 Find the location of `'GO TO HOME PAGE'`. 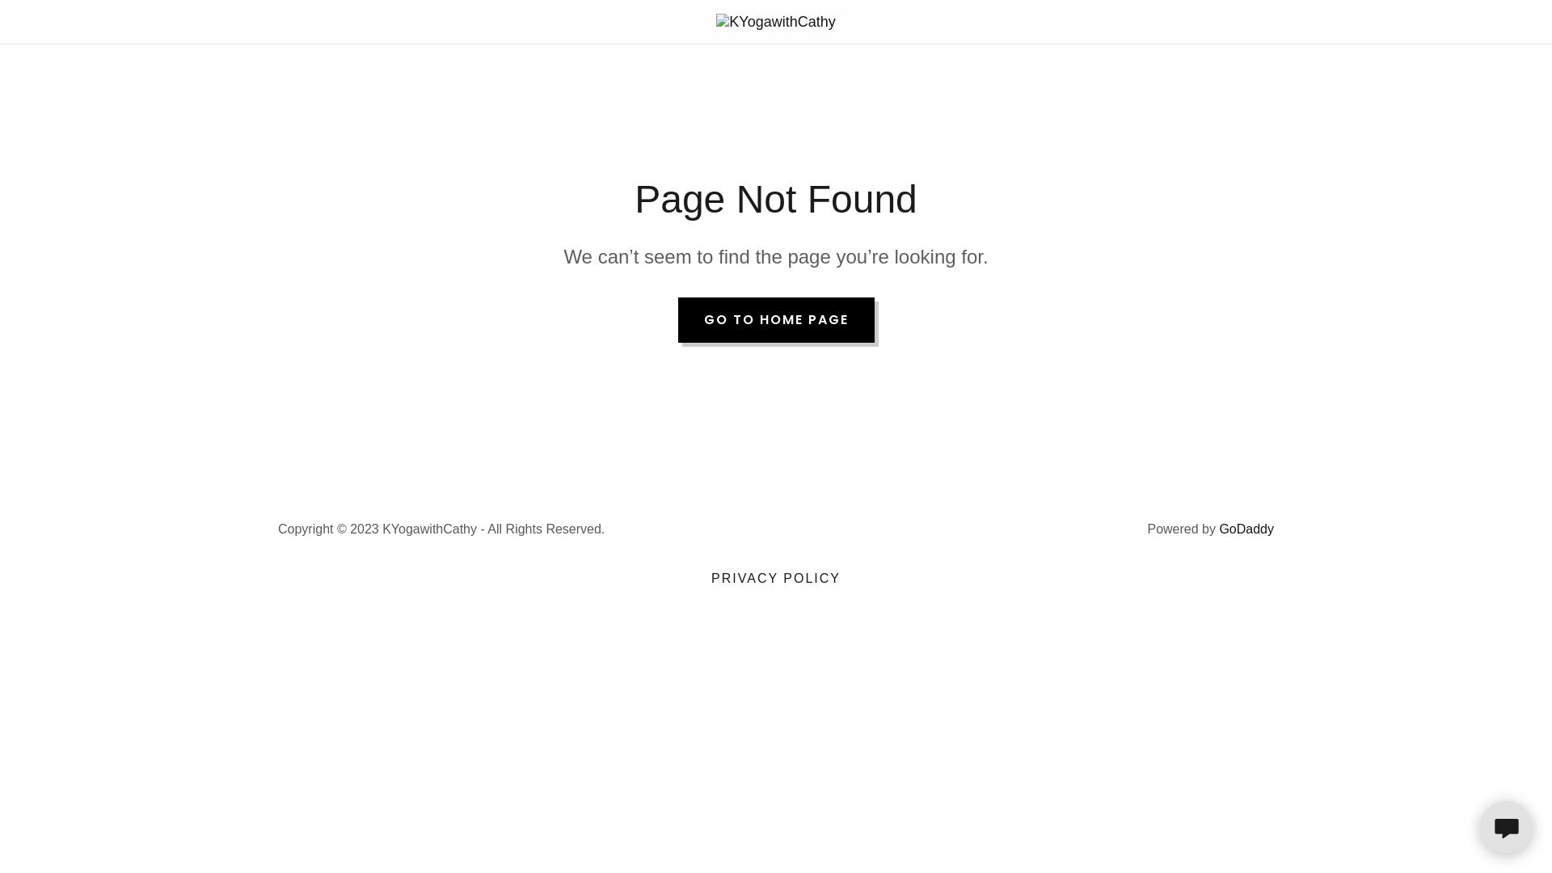

'GO TO HOME PAGE' is located at coordinates (677, 320).